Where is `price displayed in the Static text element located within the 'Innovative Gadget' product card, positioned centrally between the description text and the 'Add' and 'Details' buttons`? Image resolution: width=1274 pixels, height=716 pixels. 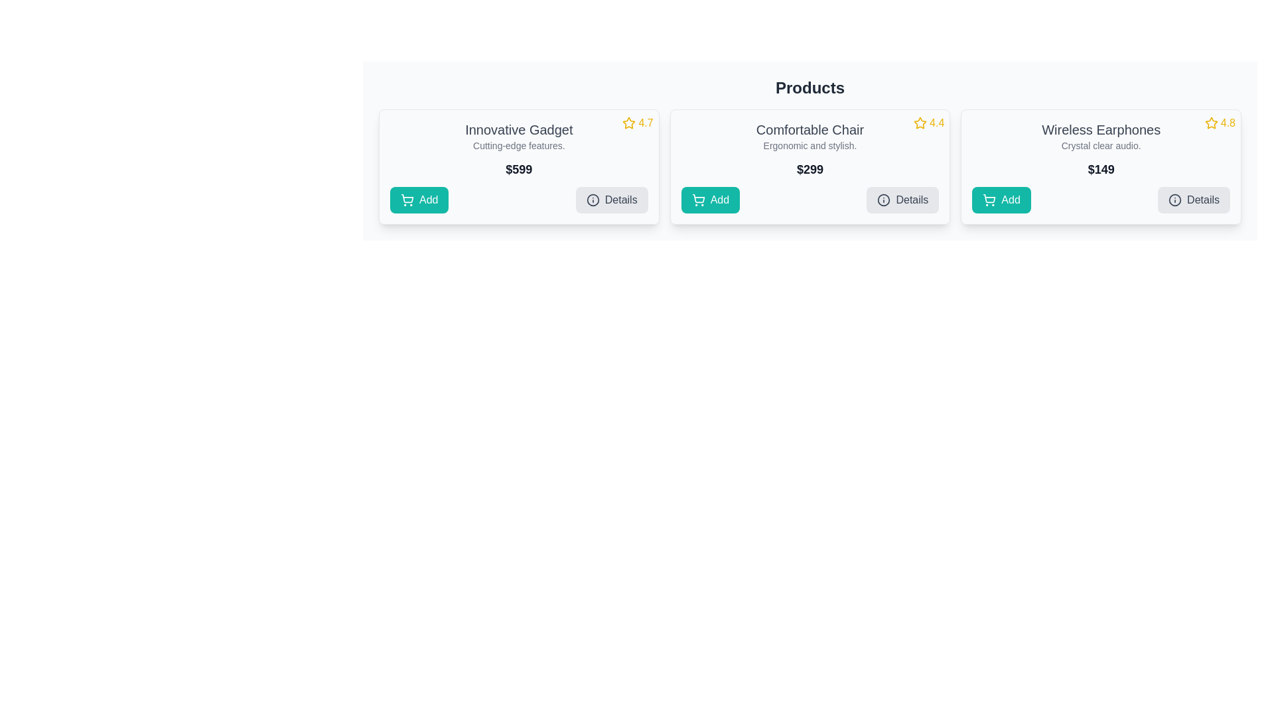 price displayed in the Static text element located within the 'Innovative Gadget' product card, positioned centrally between the description text and the 'Add' and 'Details' buttons is located at coordinates (518, 168).